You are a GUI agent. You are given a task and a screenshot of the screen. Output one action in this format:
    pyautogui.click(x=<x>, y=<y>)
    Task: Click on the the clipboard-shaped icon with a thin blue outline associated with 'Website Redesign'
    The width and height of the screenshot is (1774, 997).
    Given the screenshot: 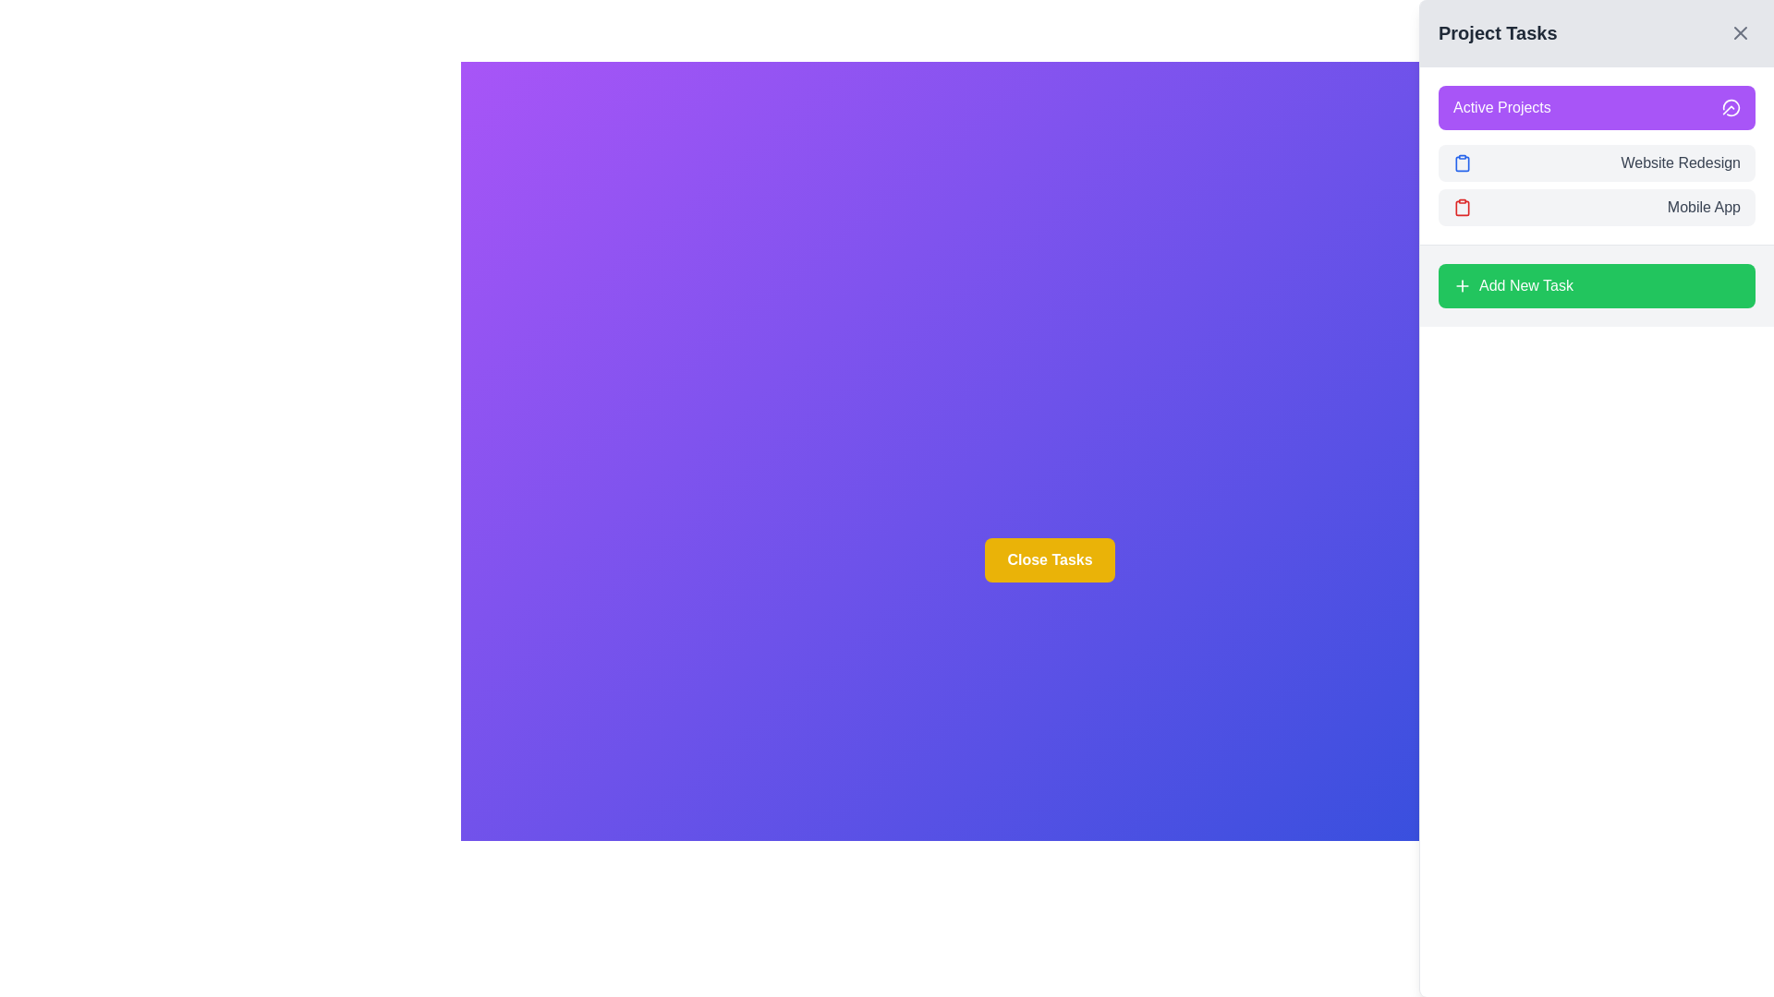 What is the action you would take?
    pyautogui.click(x=1462, y=162)
    